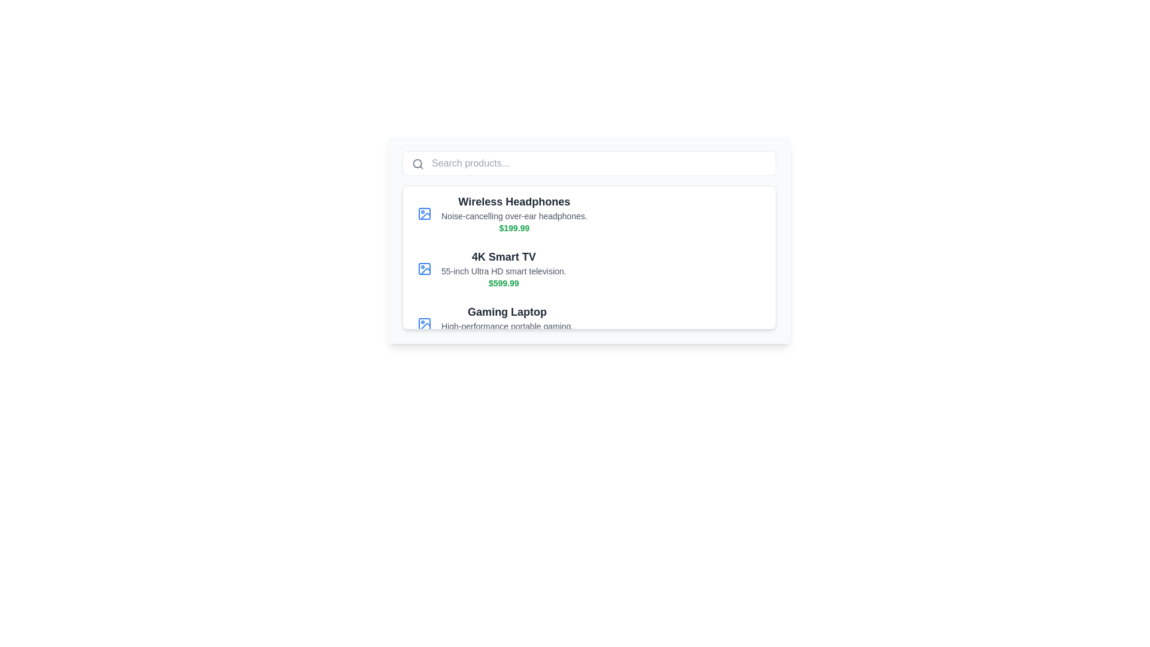 This screenshot has height=647, width=1150. I want to click on the text label that reads '55-inch Ultra HD smart television.' It is styled in gray and located below the main title '4K Smart TV' and above the price '$599.99', so click(504, 271).